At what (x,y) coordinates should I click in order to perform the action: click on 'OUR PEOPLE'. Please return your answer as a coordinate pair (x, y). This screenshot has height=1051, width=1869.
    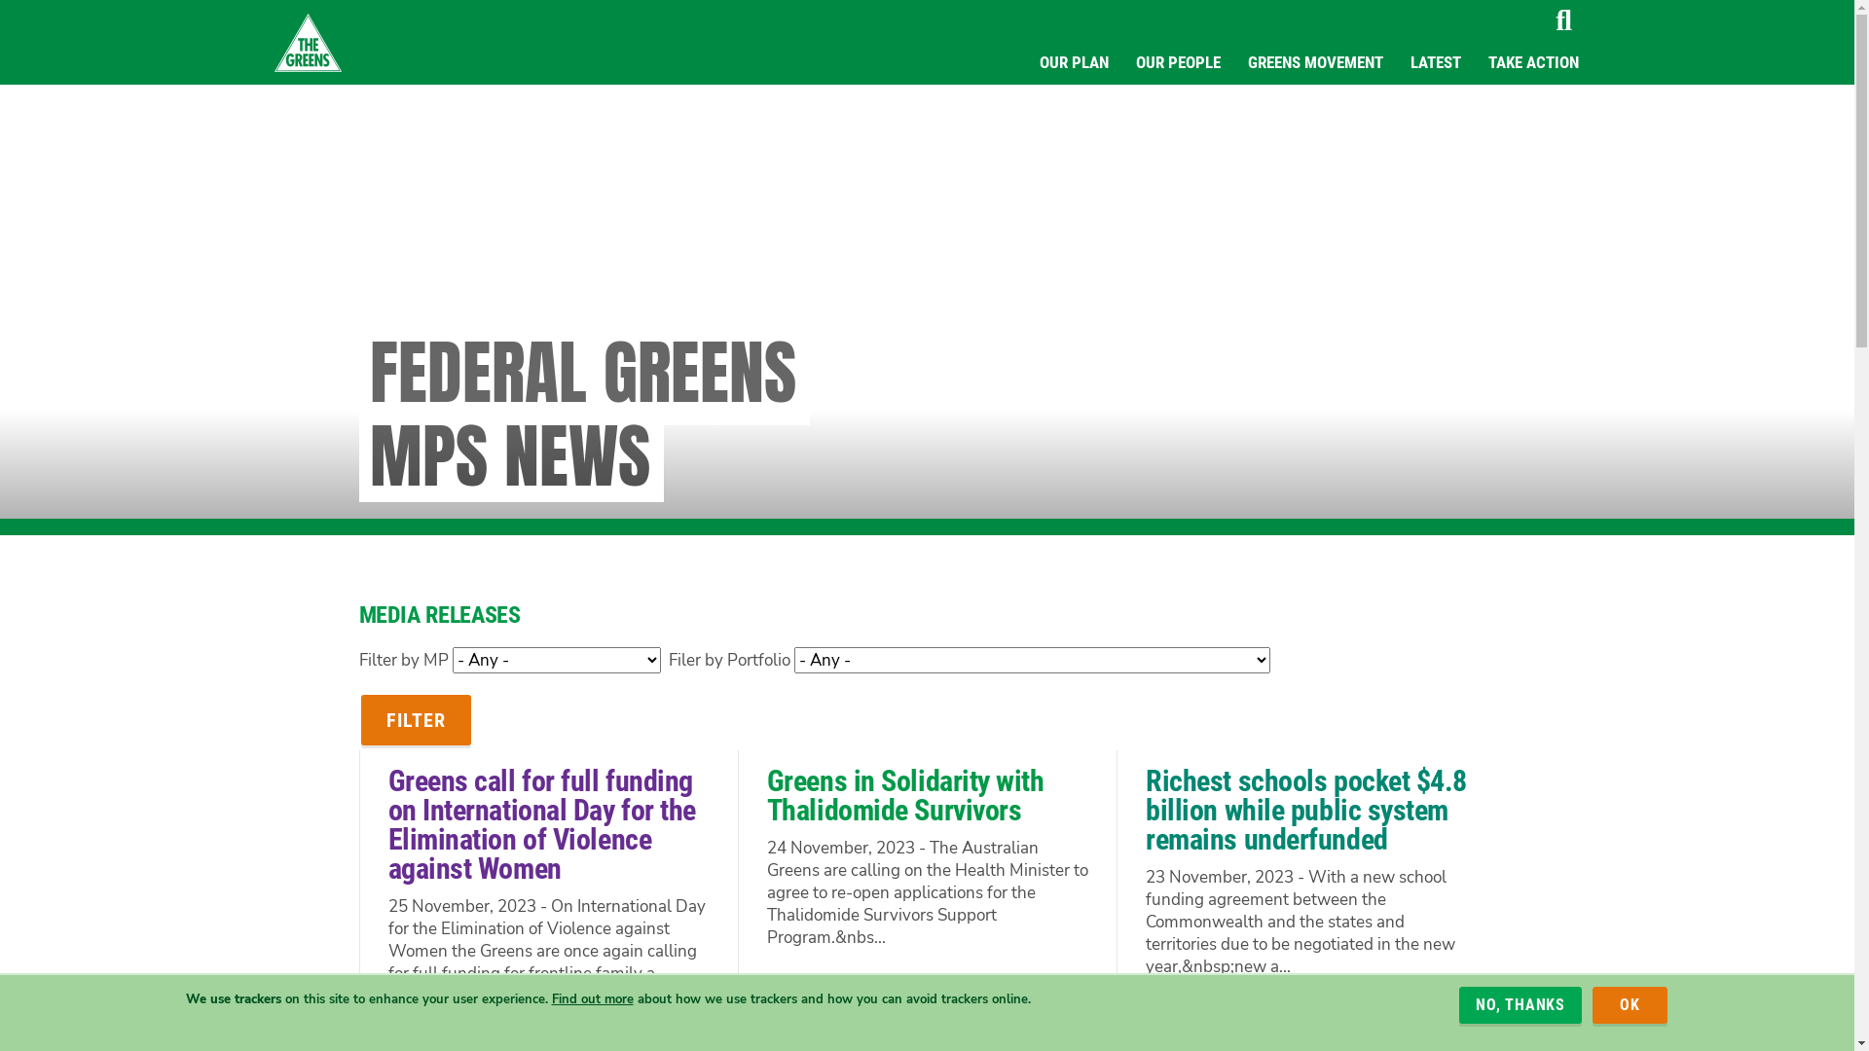
    Looking at the image, I should click on (1176, 61).